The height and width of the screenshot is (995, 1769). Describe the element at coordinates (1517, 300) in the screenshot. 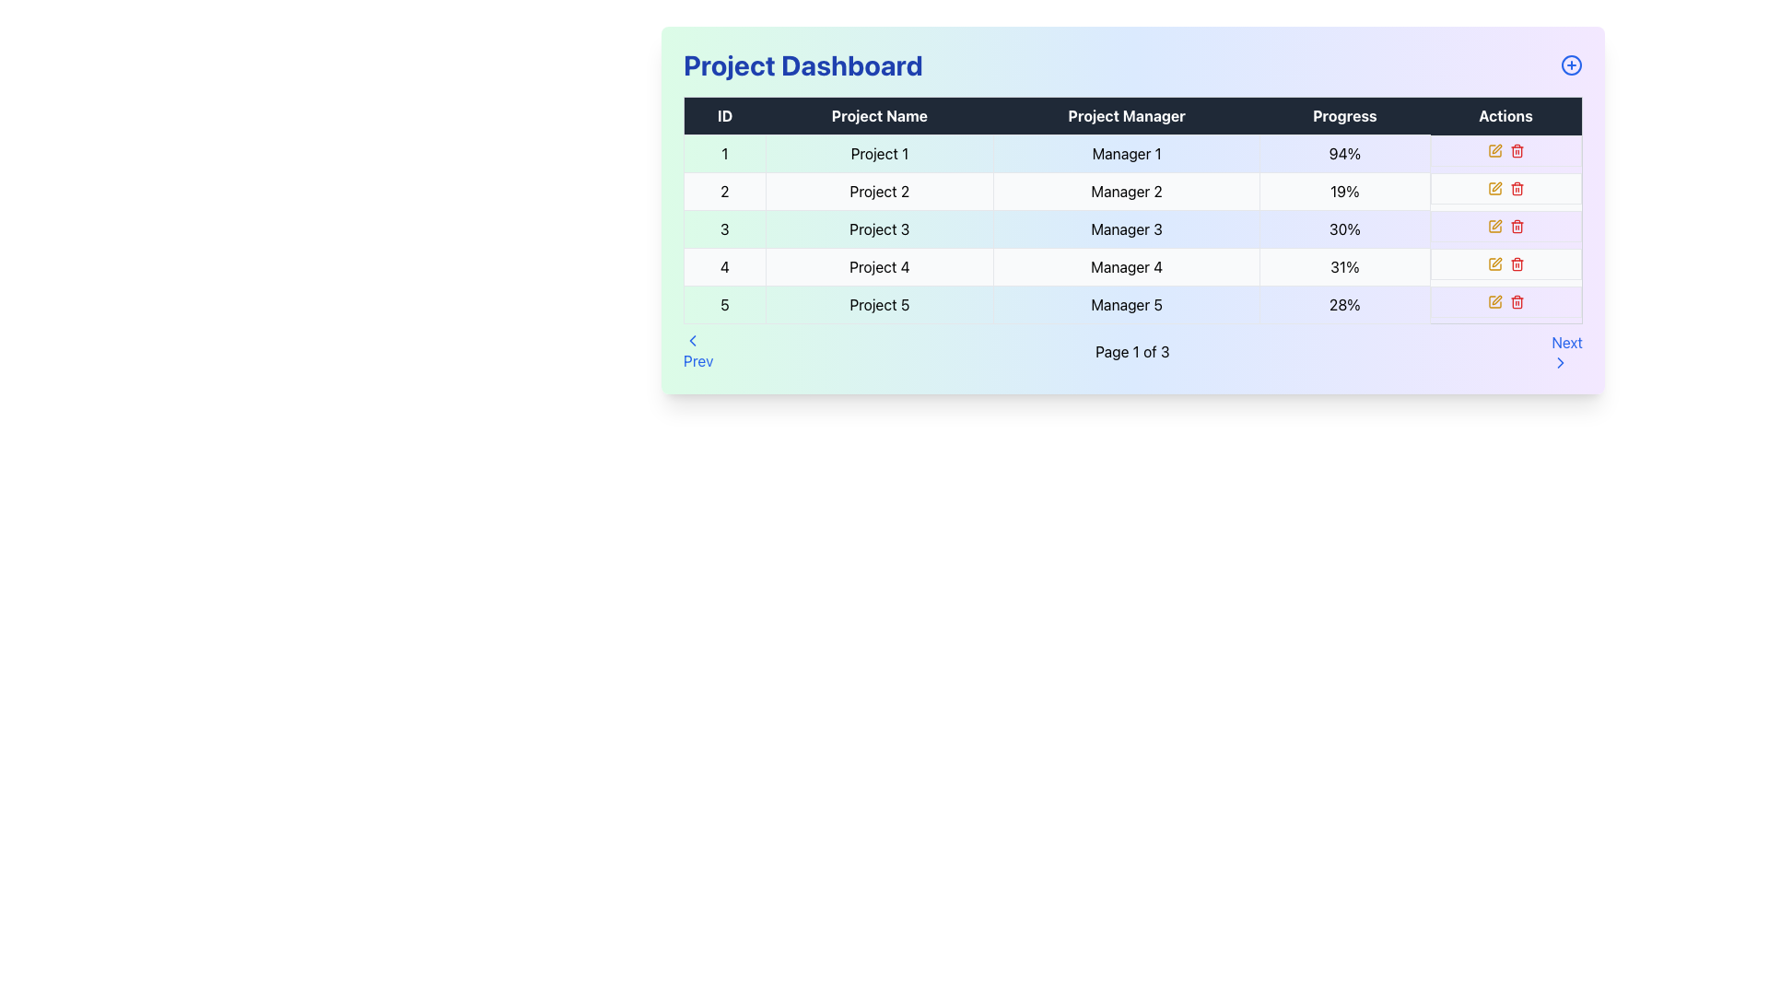

I see `the trash can icon button located` at that location.